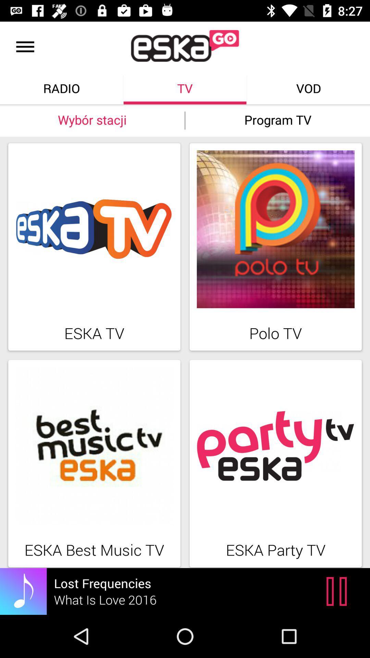  What do you see at coordinates (338, 591) in the screenshot?
I see `the pause icon` at bounding box center [338, 591].